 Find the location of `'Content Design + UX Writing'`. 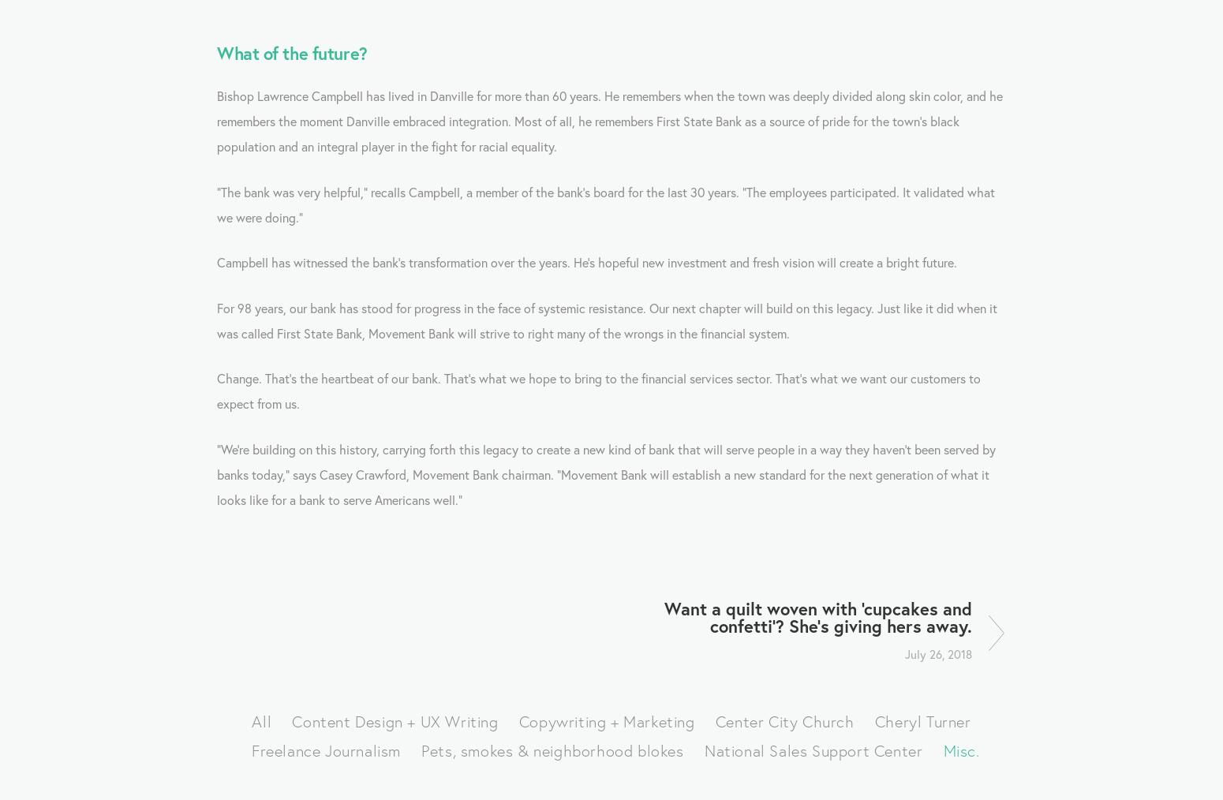

'Content Design + UX Writing' is located at coordinates (394, 720).